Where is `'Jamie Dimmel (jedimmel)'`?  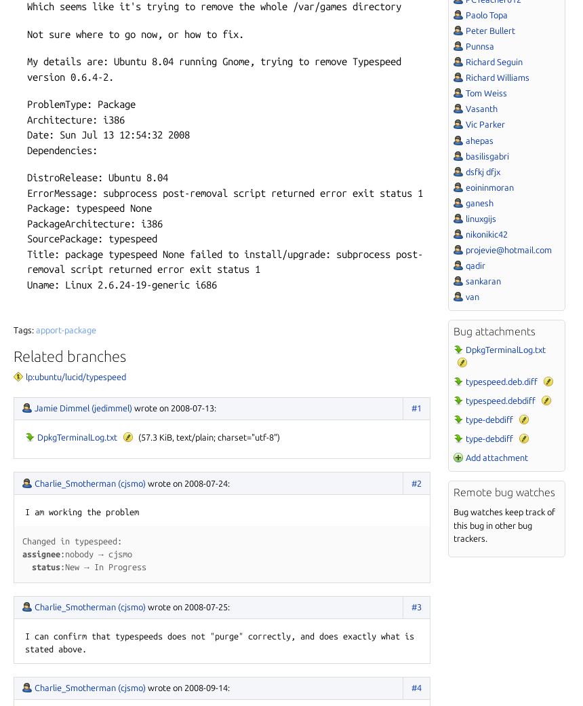 'Jamie Dimmel (jedimmel)' is located at coordinates (83, 406).